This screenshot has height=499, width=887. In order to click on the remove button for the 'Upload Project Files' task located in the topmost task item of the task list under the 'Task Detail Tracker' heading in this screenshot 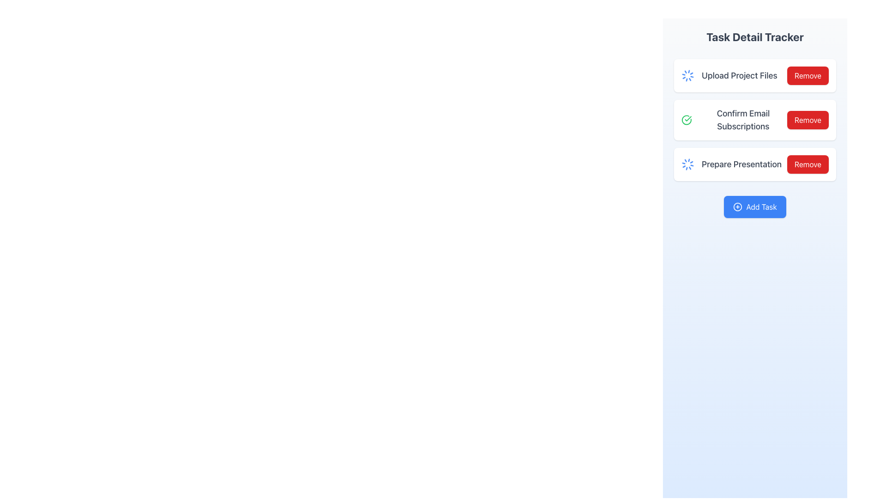, I will do `click(807, 75)`.